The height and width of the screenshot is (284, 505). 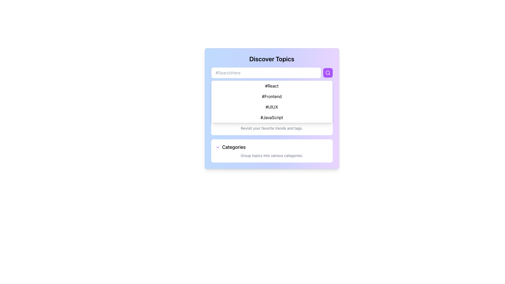 What do you see at coordinates (218, 147) in the screenshot?
I see `the downward-facing purple chevron icon located to the left of the 'Categories' text` at bounding box center [218, 147].